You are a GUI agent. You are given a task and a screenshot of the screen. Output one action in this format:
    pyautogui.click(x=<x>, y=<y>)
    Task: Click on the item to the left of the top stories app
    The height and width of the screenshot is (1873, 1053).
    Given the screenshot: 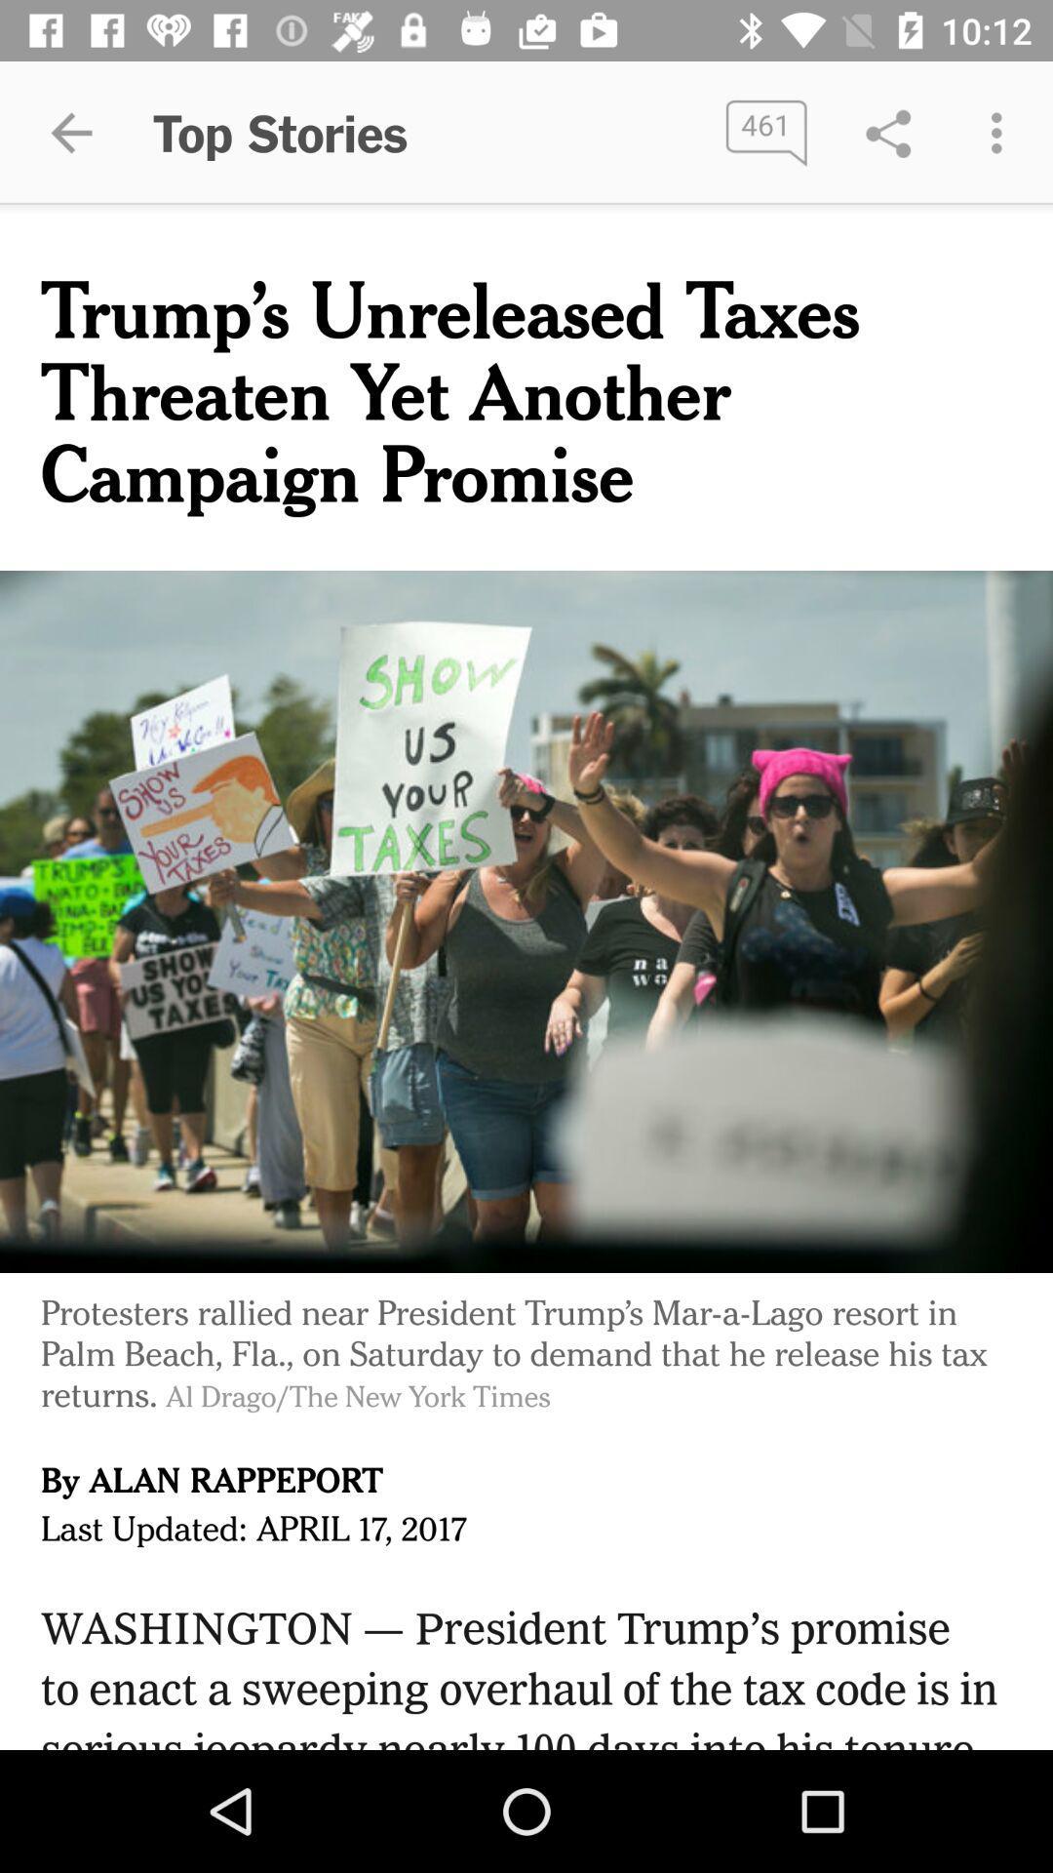 What is the action you would take?
    pyautogui.click(x=70, y=132)
    